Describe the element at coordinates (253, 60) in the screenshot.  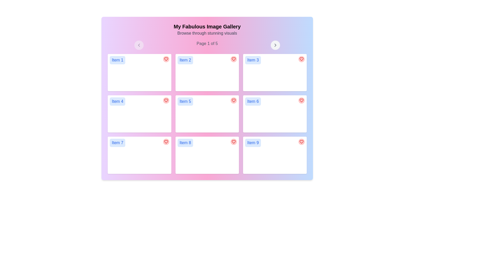
I see `the label indicating 'Item 3' in the top-right grid cell of the layout, which serves as a title for the card` at that location.